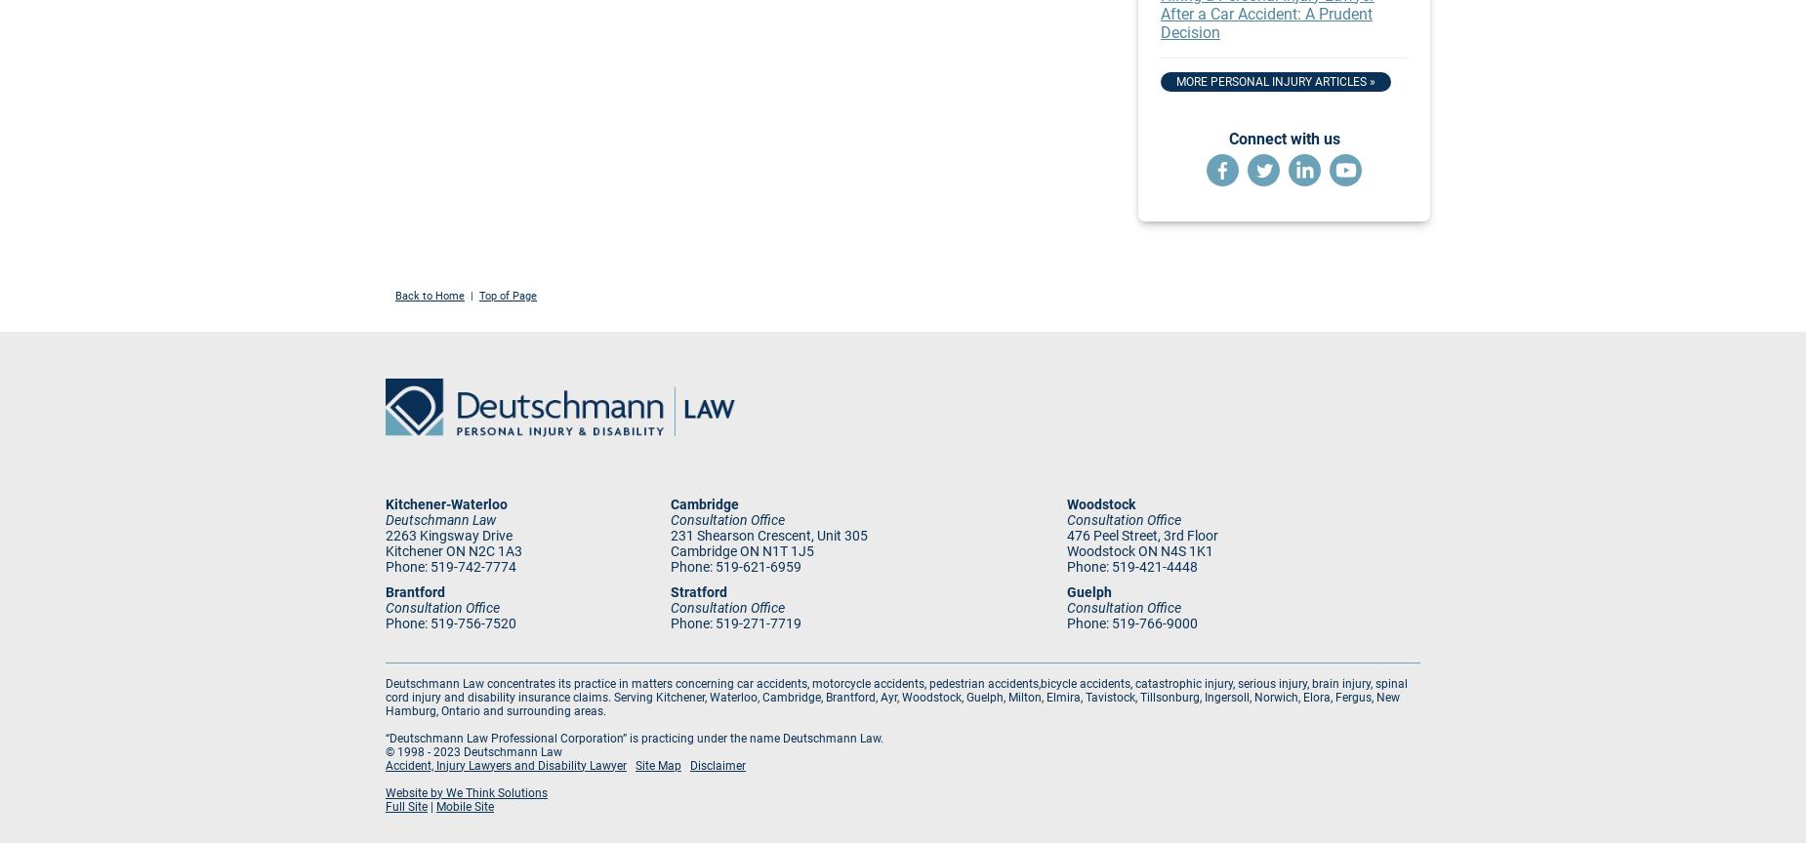 This screenshot has width=1806, height=843. I want to click on 'Disclaimer', so click(718, 763).